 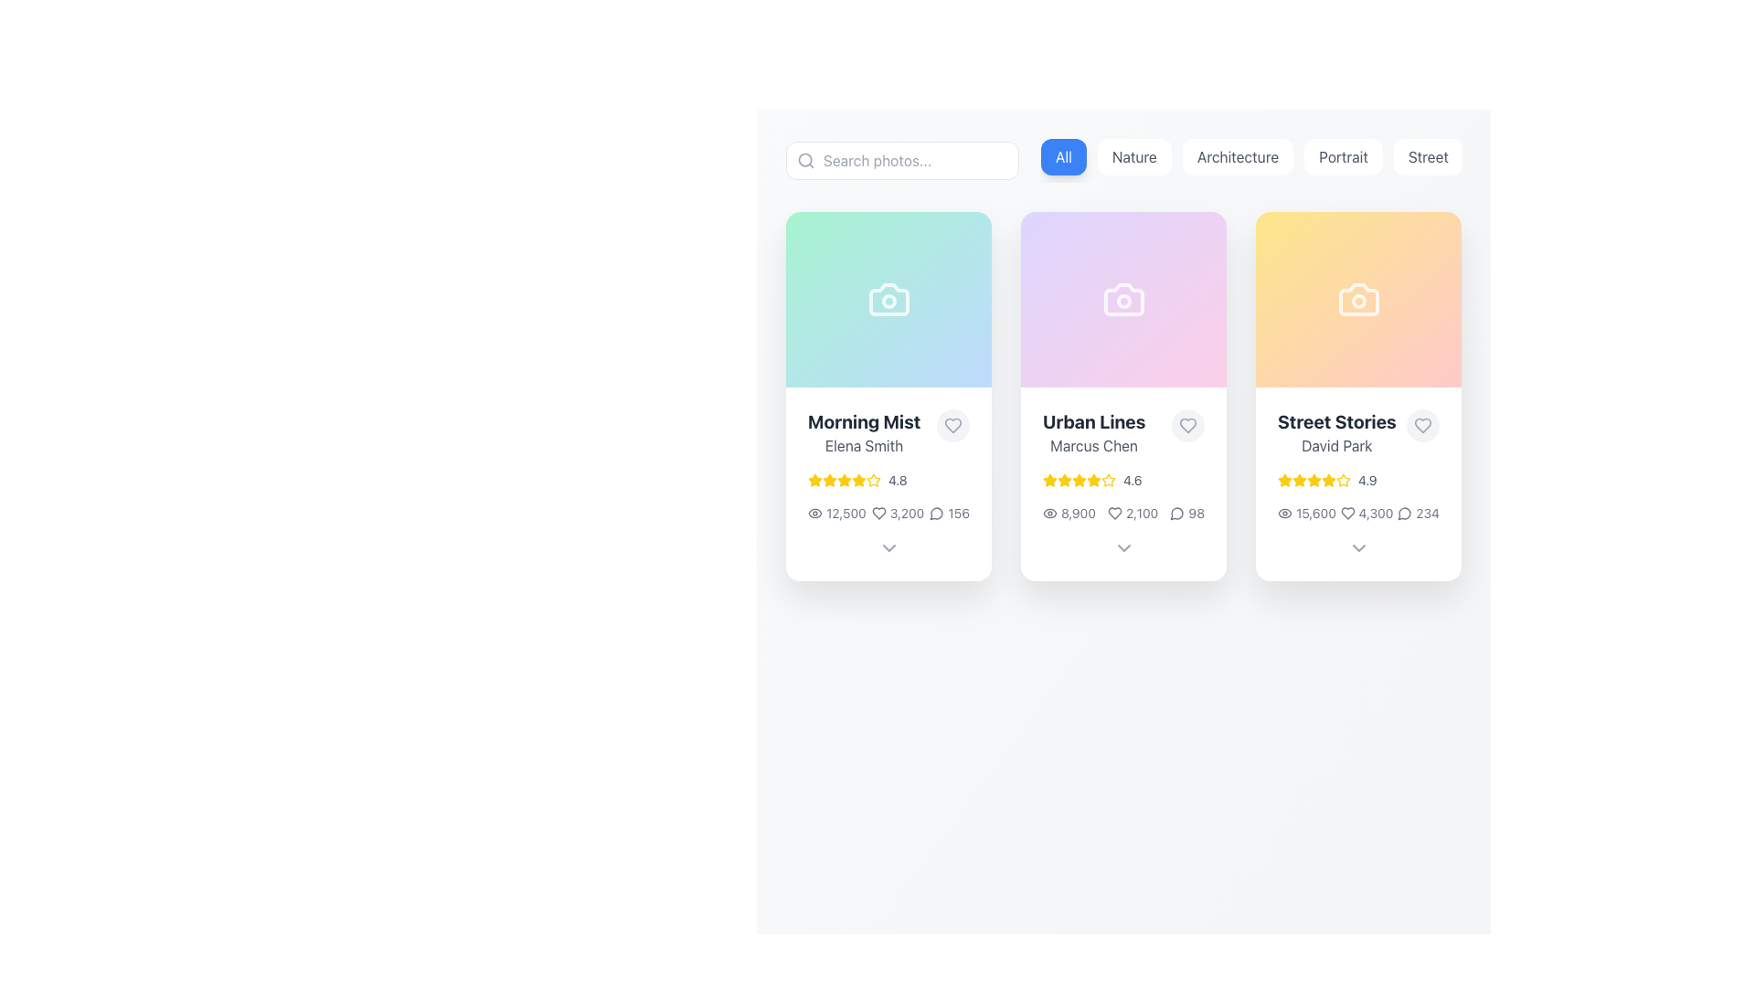 What do you see at coordinates (844, 479) in the screenshot?
I see `the visual state of the fifth rating star icon within the 'Morning Mist' card, which reflects a quantitative rating of '4.8'` at bounding box center [844, 479].